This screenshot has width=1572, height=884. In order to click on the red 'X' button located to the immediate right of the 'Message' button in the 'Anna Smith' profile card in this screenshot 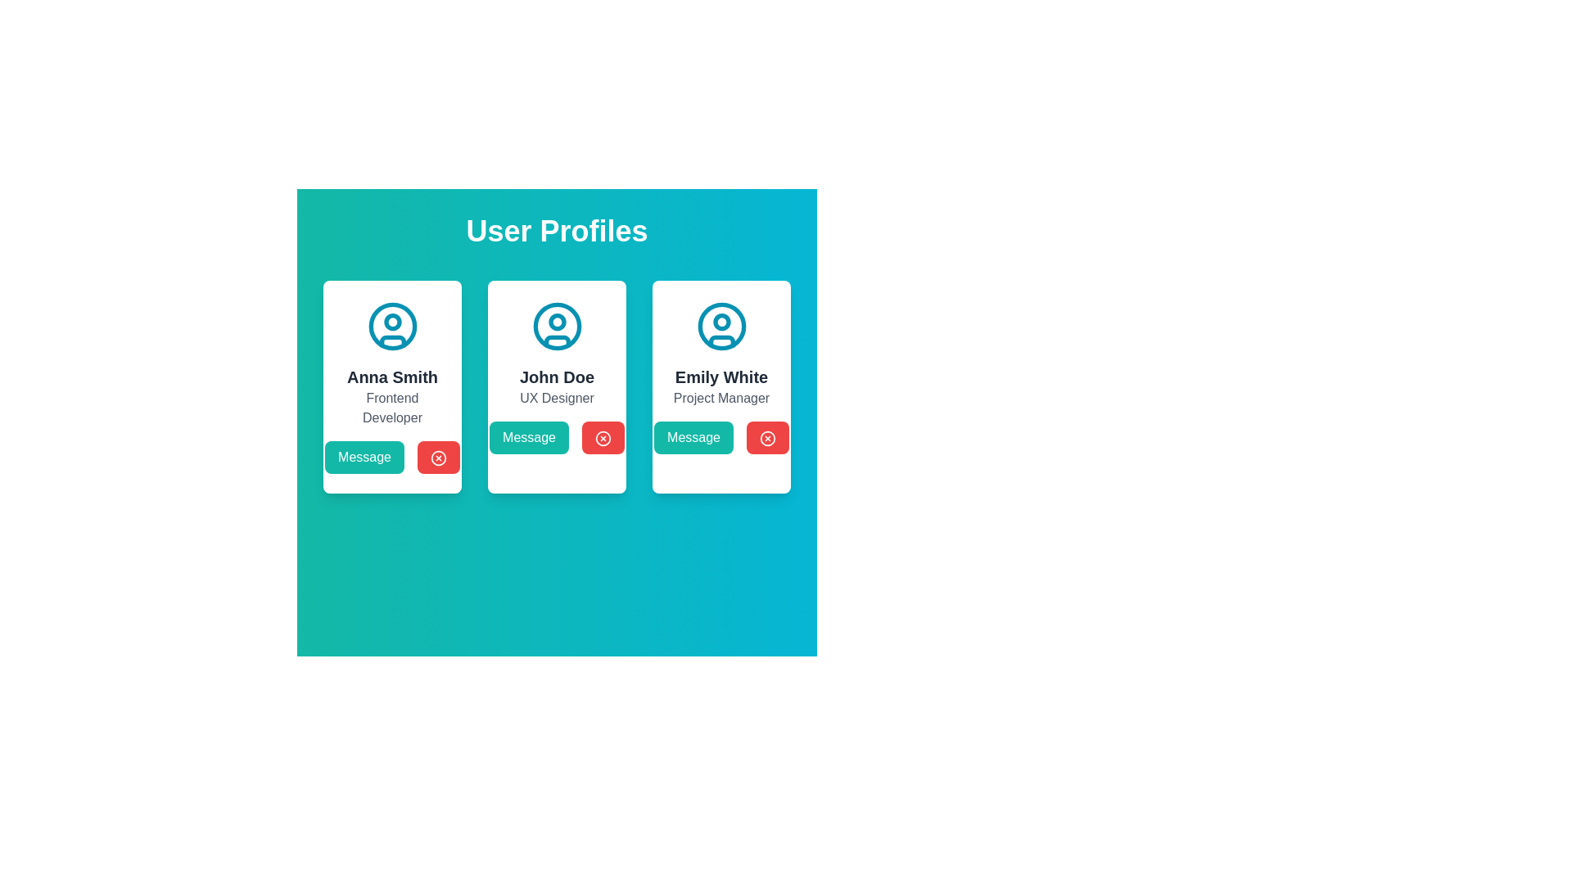, I will do `click(439, 458)`.